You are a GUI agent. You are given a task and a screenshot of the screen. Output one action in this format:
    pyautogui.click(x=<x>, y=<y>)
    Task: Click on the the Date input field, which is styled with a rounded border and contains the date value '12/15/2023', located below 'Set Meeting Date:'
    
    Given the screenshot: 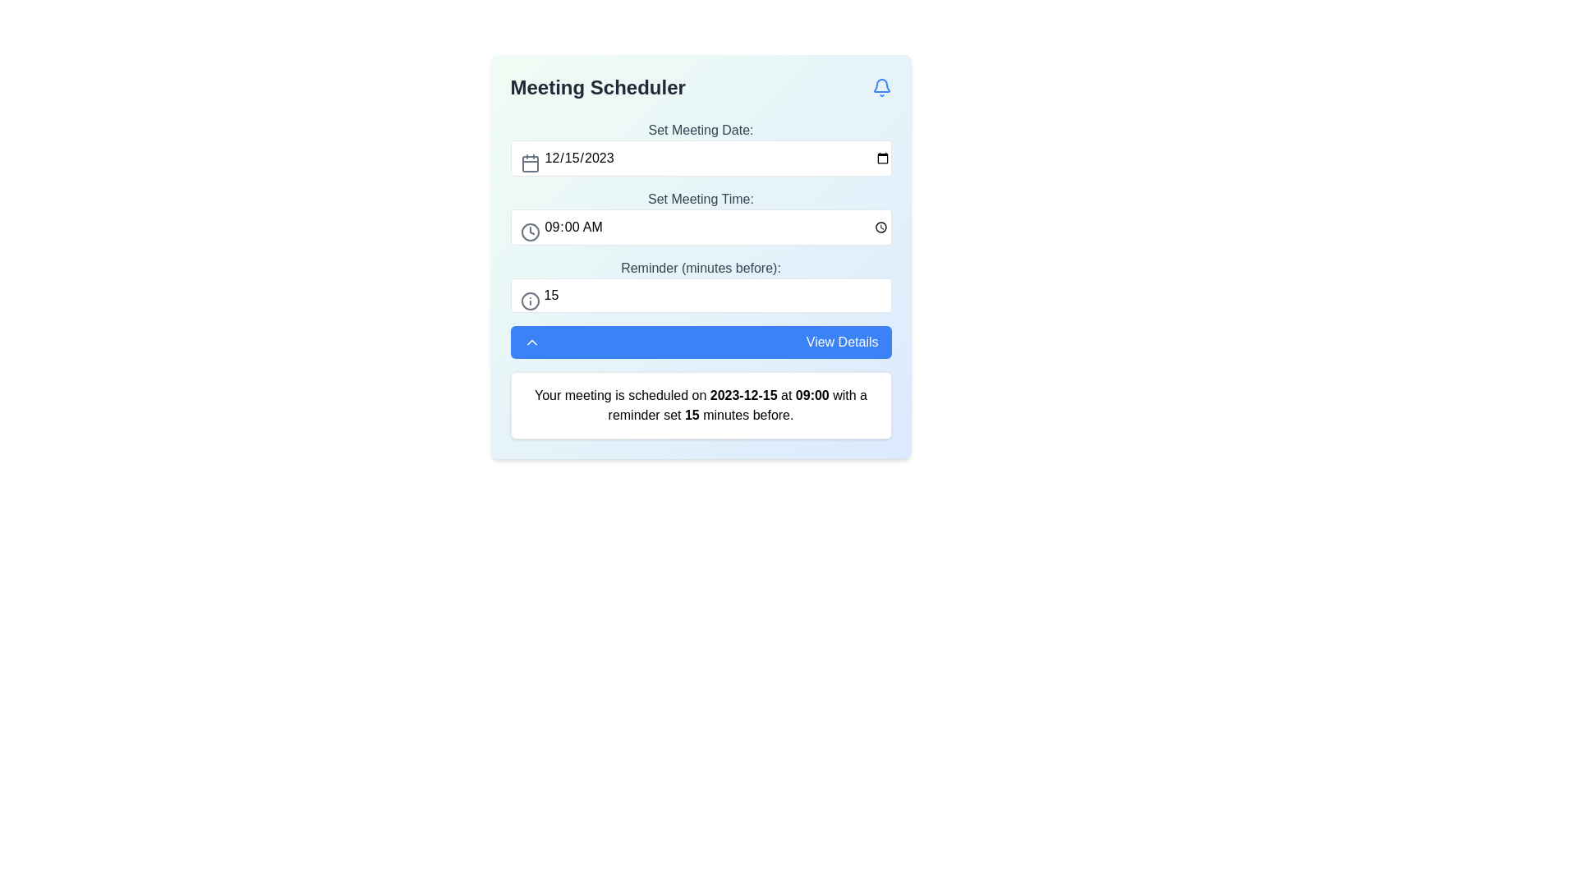 What is the action you would take?
    pyautogui.click(x=701, y=158)
    